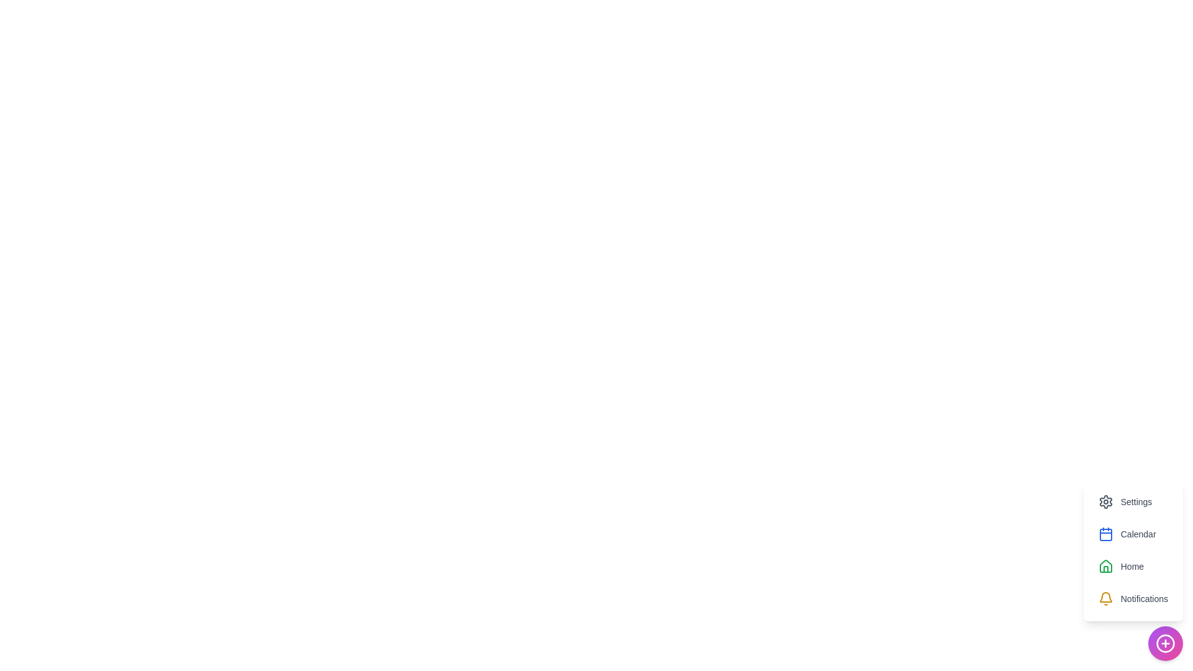  I want to click on the Notifications option from the menu, so click(1133, 598).